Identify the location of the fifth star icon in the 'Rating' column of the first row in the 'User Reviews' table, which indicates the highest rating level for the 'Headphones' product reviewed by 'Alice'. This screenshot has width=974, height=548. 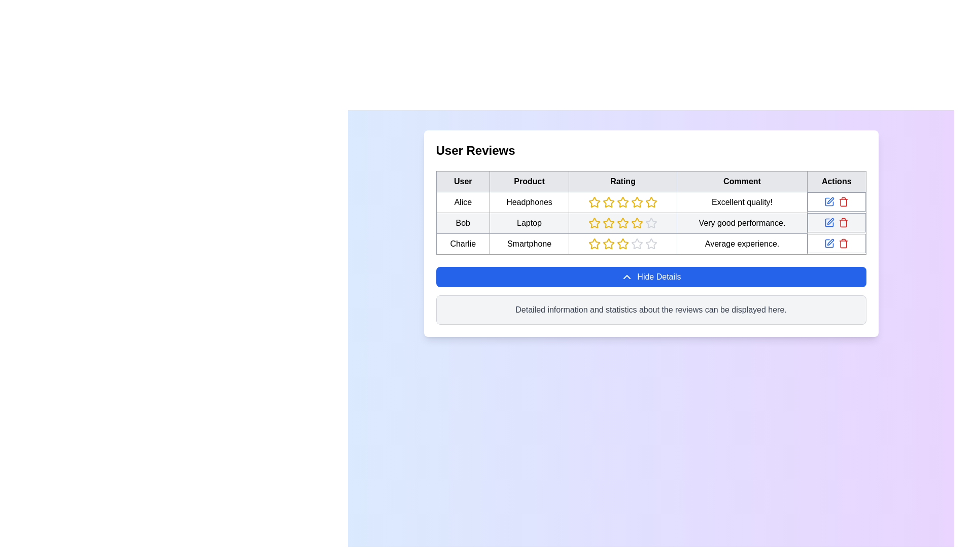
(637, 202).